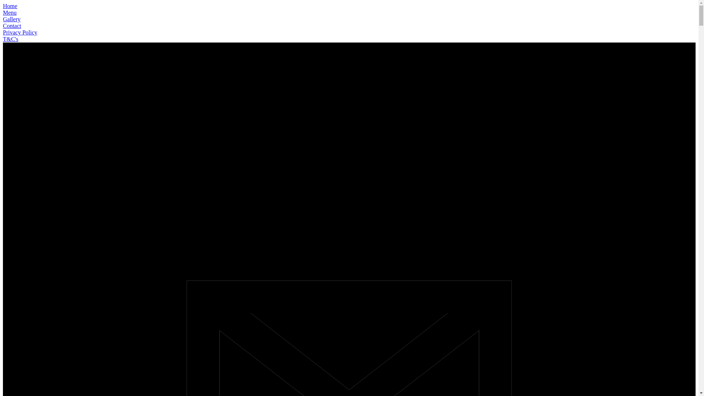 This screenshot has width=704, height=396. Describe the element at coordinates (10, 12) in the screenshot. I see `'Menu'` at that location.